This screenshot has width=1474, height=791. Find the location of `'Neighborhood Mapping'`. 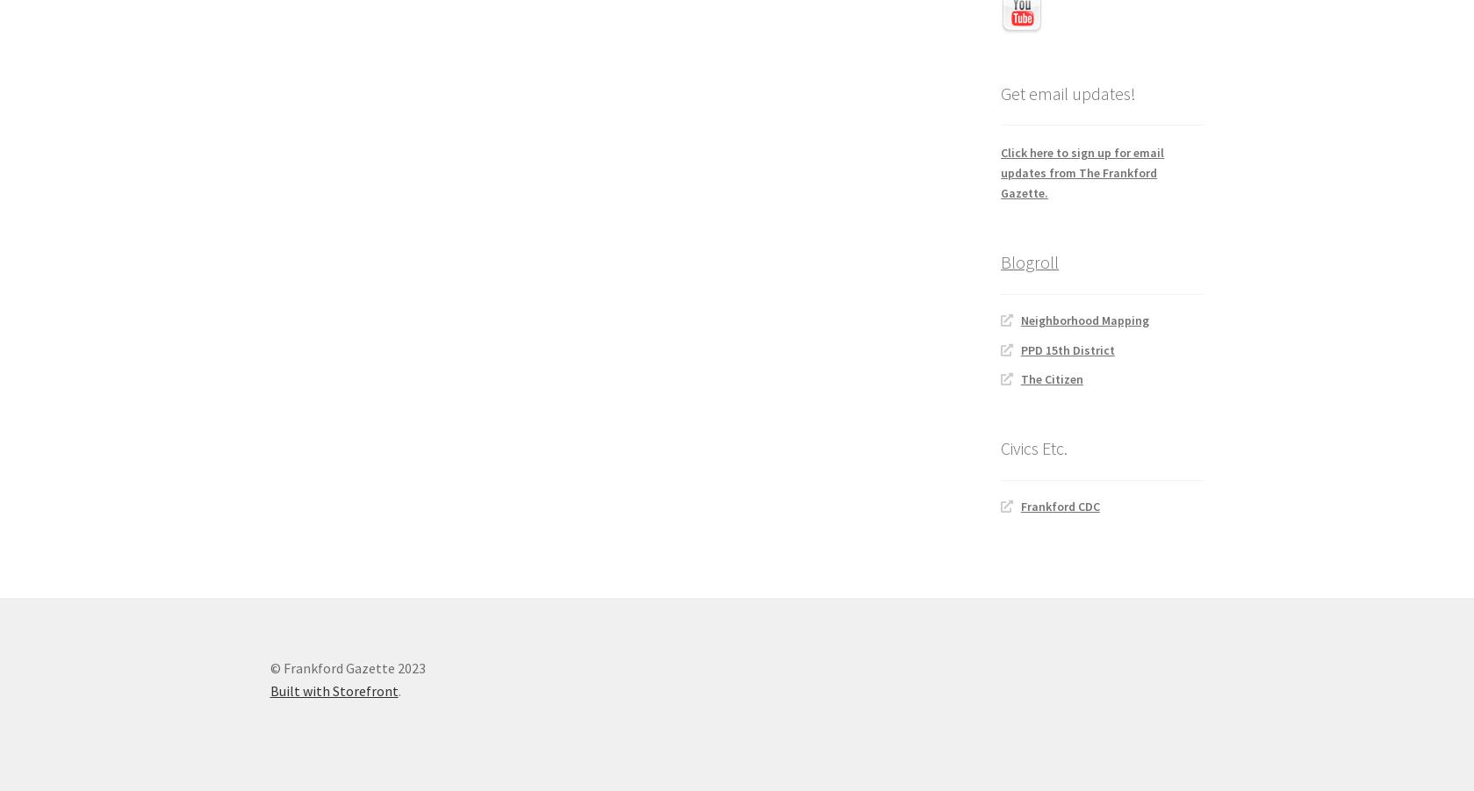

'Neighborhood Mapping' is located at coordinates (1083, 319).